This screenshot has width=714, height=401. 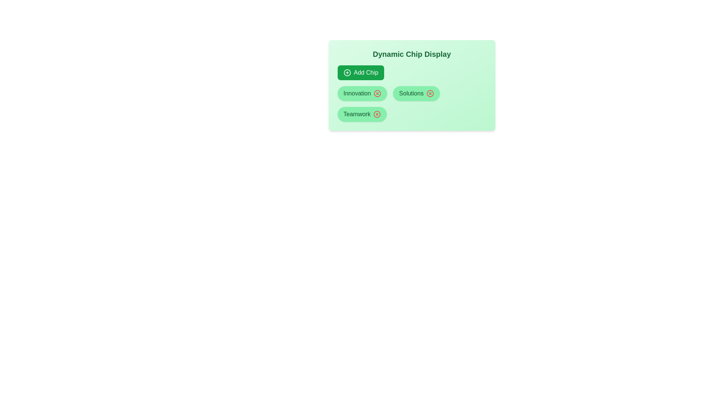 What do you see at coordinates (430, 93) in the screenshot?
I see `the cross icon of the chip labeled Solutions to remove it` at bounding box center [430, 93].